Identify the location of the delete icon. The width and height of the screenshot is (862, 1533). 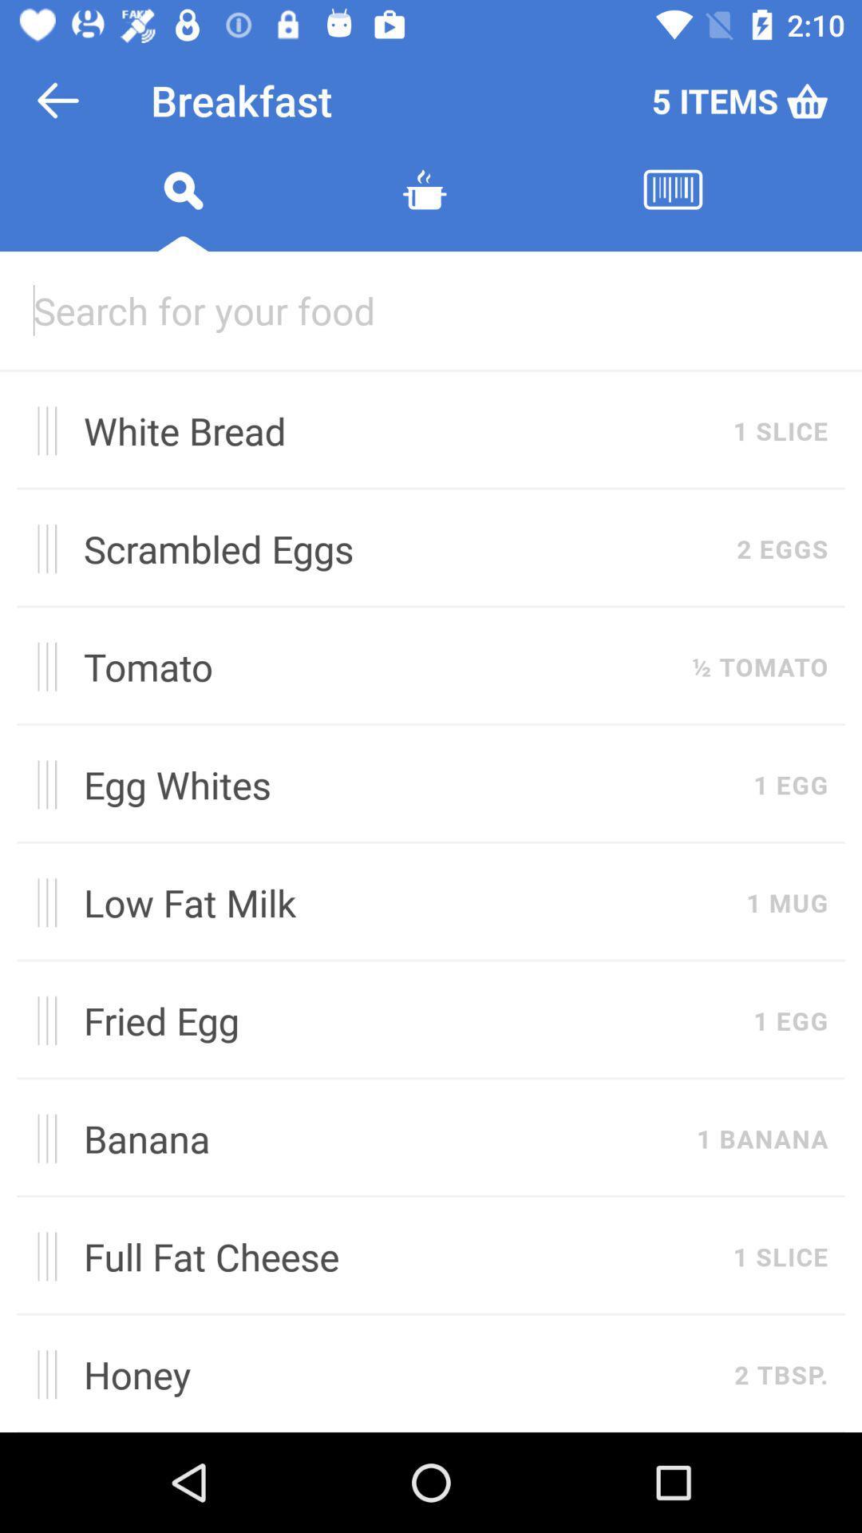
(424, 208).